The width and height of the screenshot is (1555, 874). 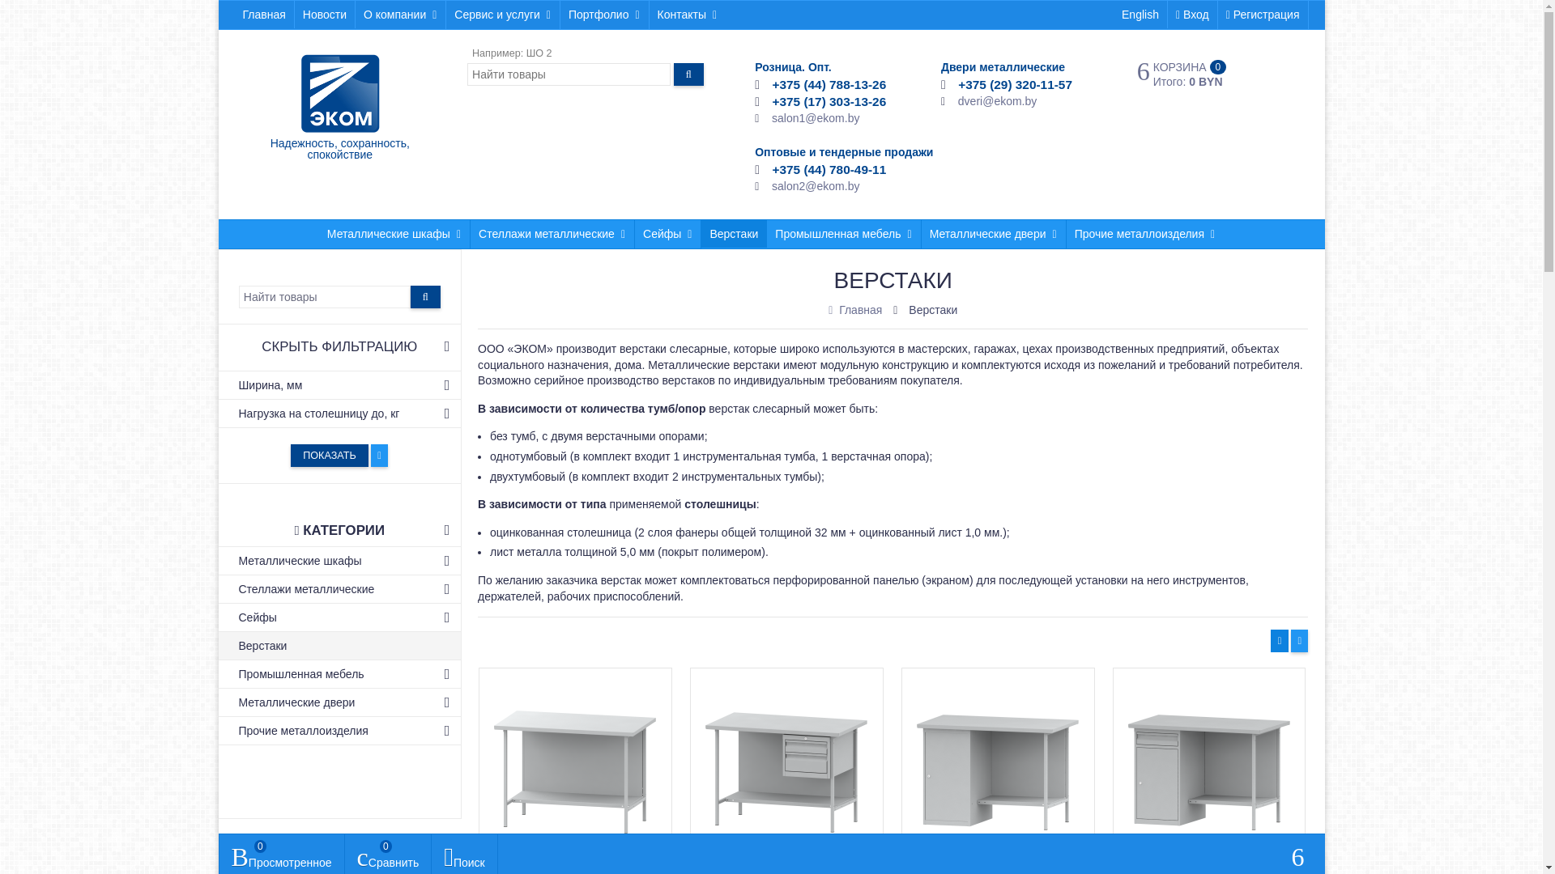 What do you see at coordinates (1140, 15) in the screenshot?
I see `'English'` at bounding box center [1140, 15].